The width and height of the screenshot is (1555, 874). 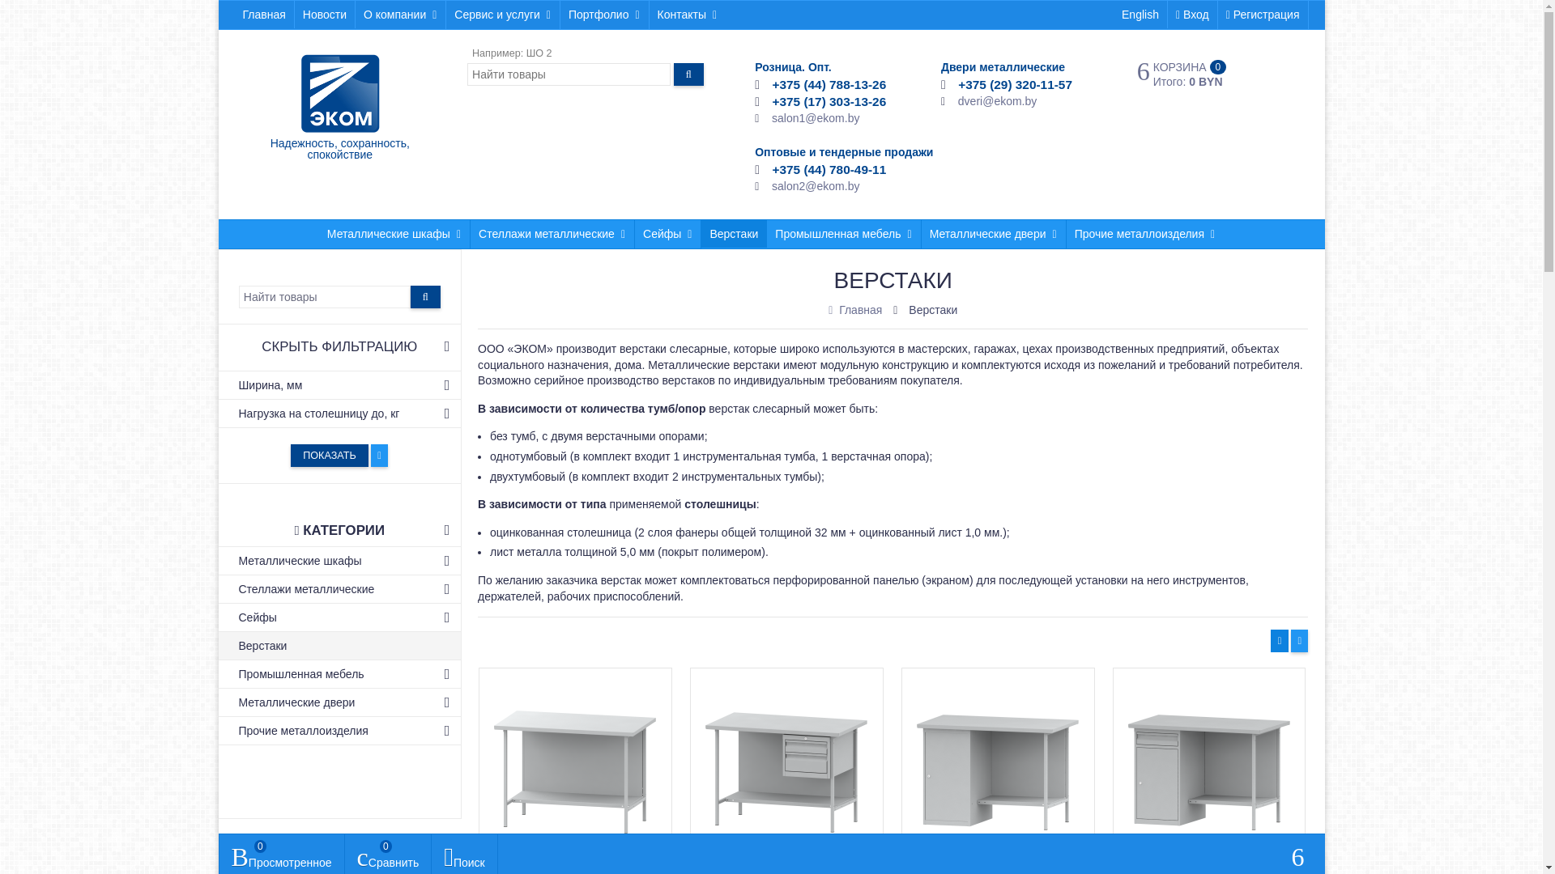 What do you see at coordinates (1140, 15) in the screenshot?
I see `'English'` at bounding box center [1140, 15].